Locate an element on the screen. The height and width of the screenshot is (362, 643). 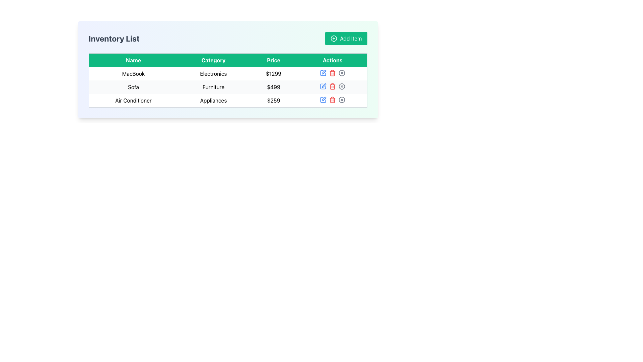
the second icon from the left in the 'Actions' column of the third row in the table is located at coordinates (324, 99).